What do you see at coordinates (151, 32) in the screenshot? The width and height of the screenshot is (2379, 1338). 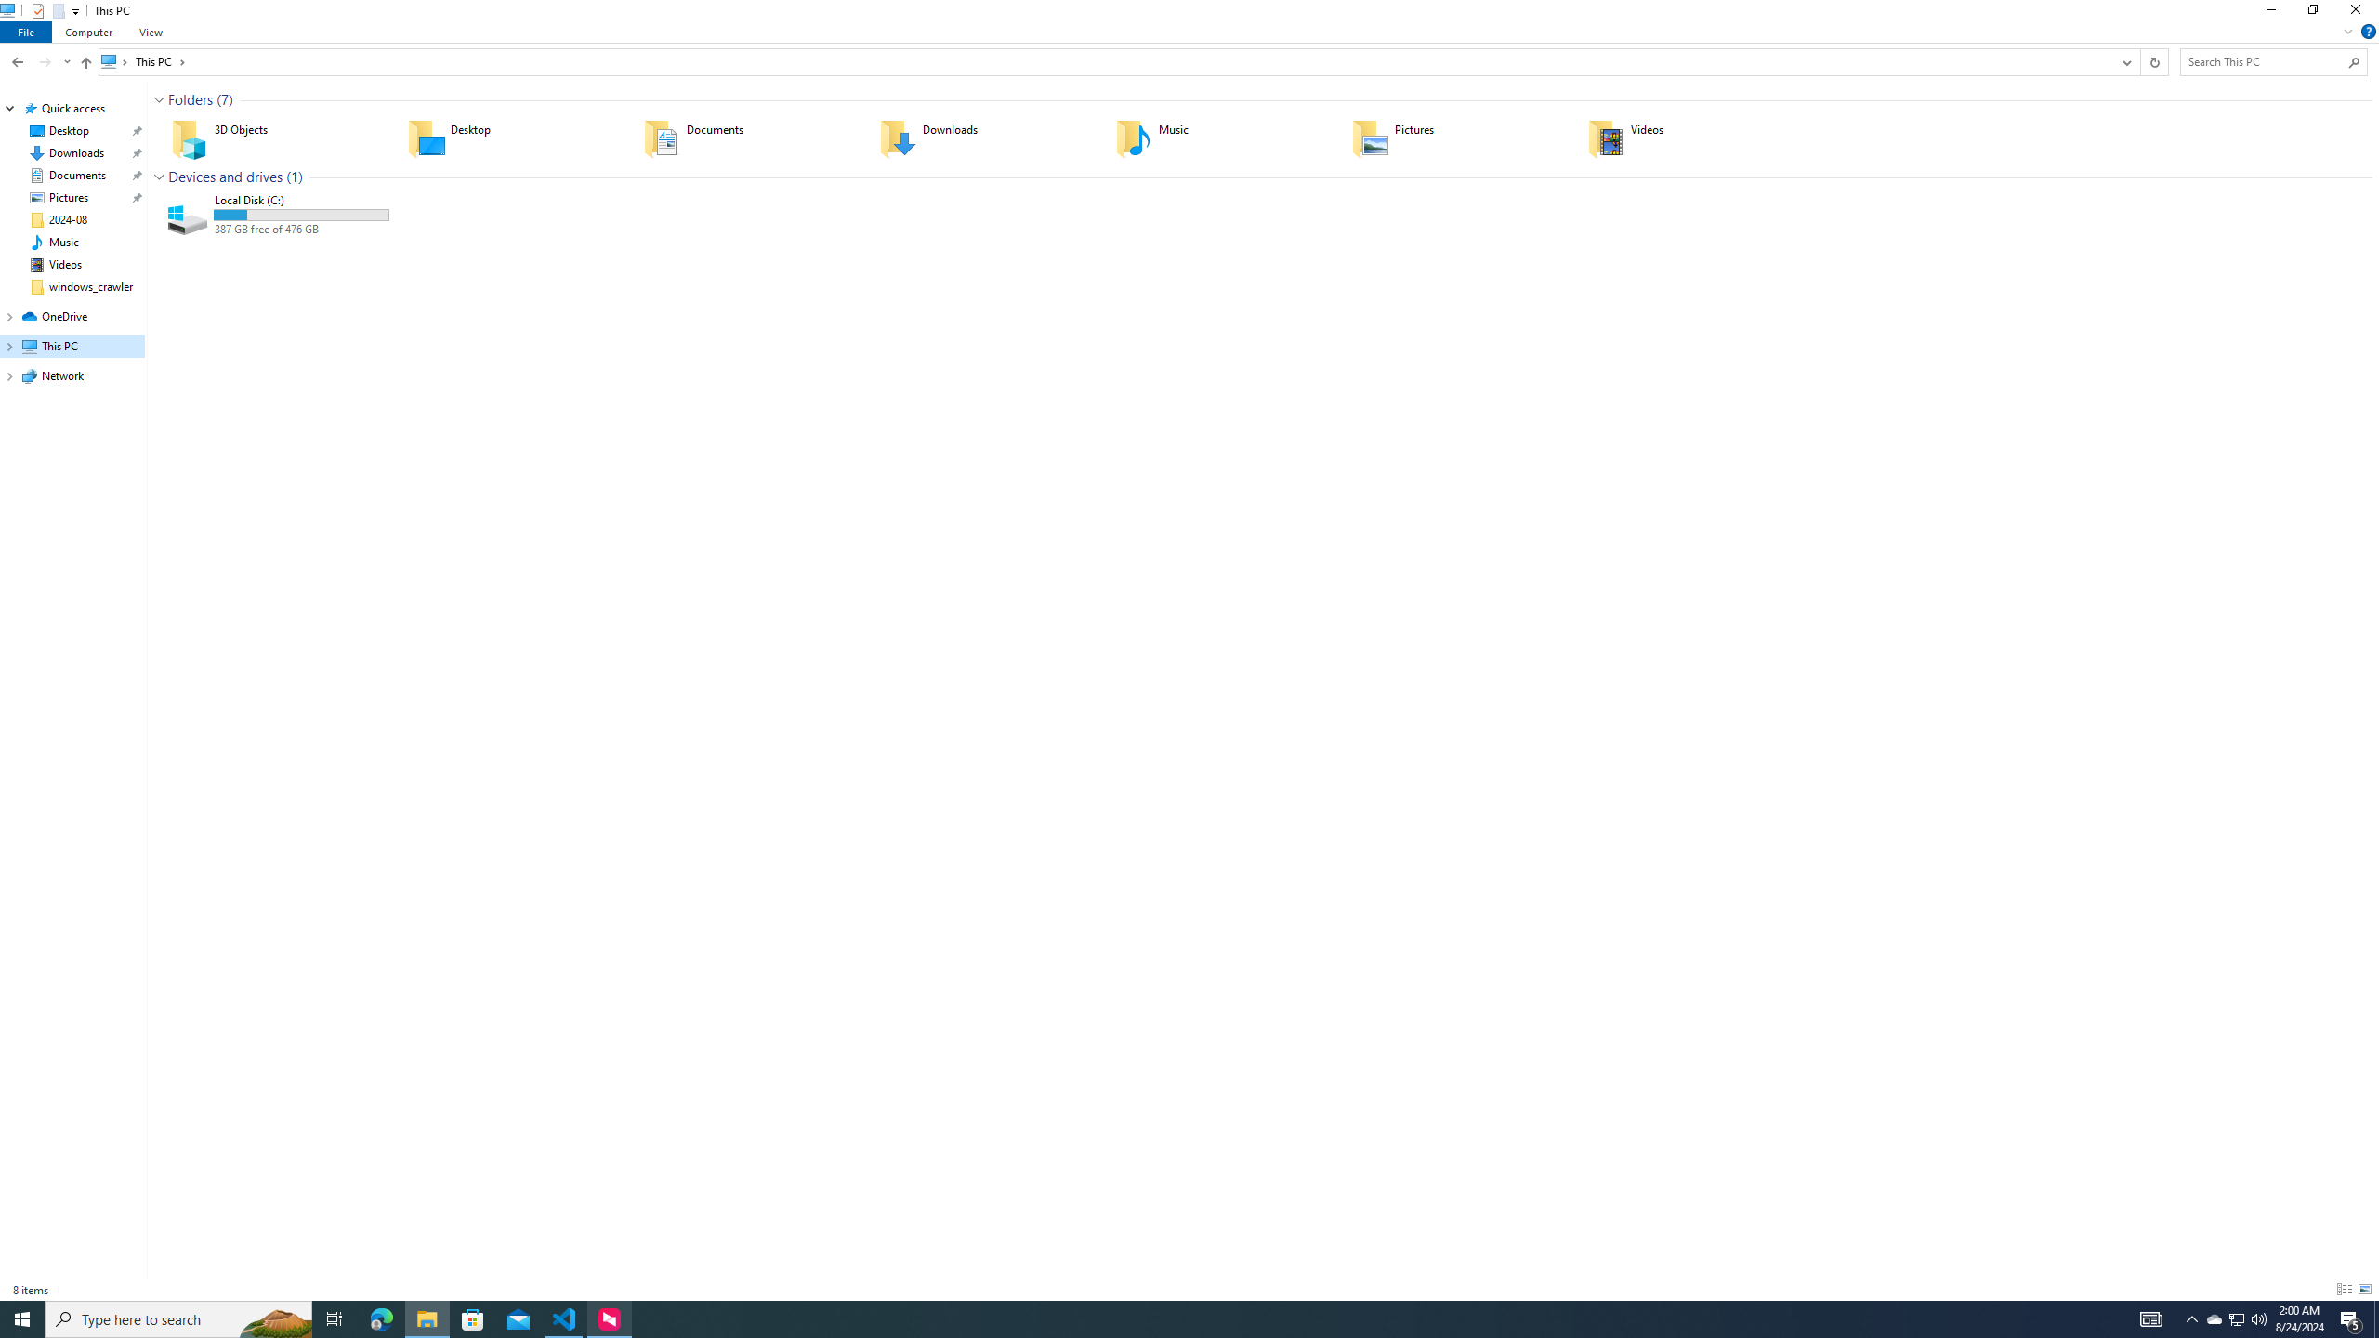 I see `'View'` at bounding box center [151, 32].